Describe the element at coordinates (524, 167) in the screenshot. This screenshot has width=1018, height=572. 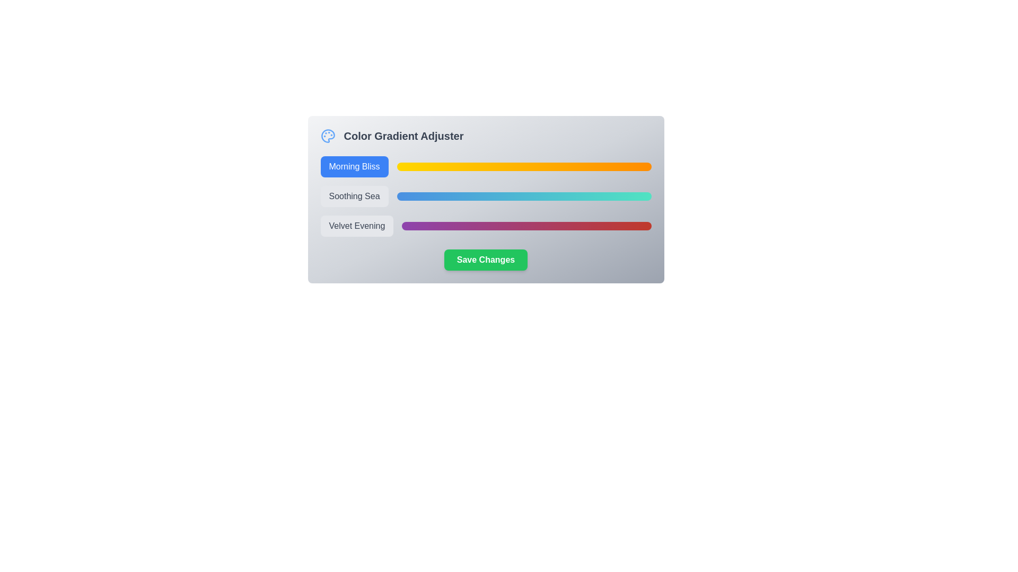
I see `the gradient preview bar associated with Morning Bliss to observe its gradient` at that location.